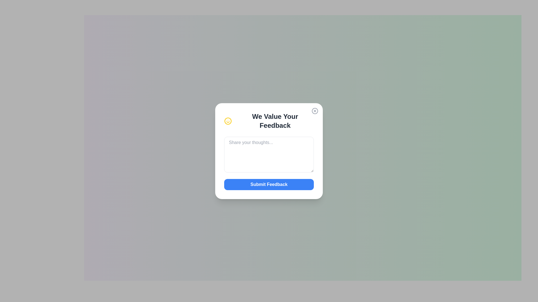 This screenshot has width=538, height=302. Describe the element at coordinates (228, 121) in the screenshot. I see `the yellow smiley face icon, which is positioned to the left of the text 'We Value Your Feedback' in the feedback form` at that location.